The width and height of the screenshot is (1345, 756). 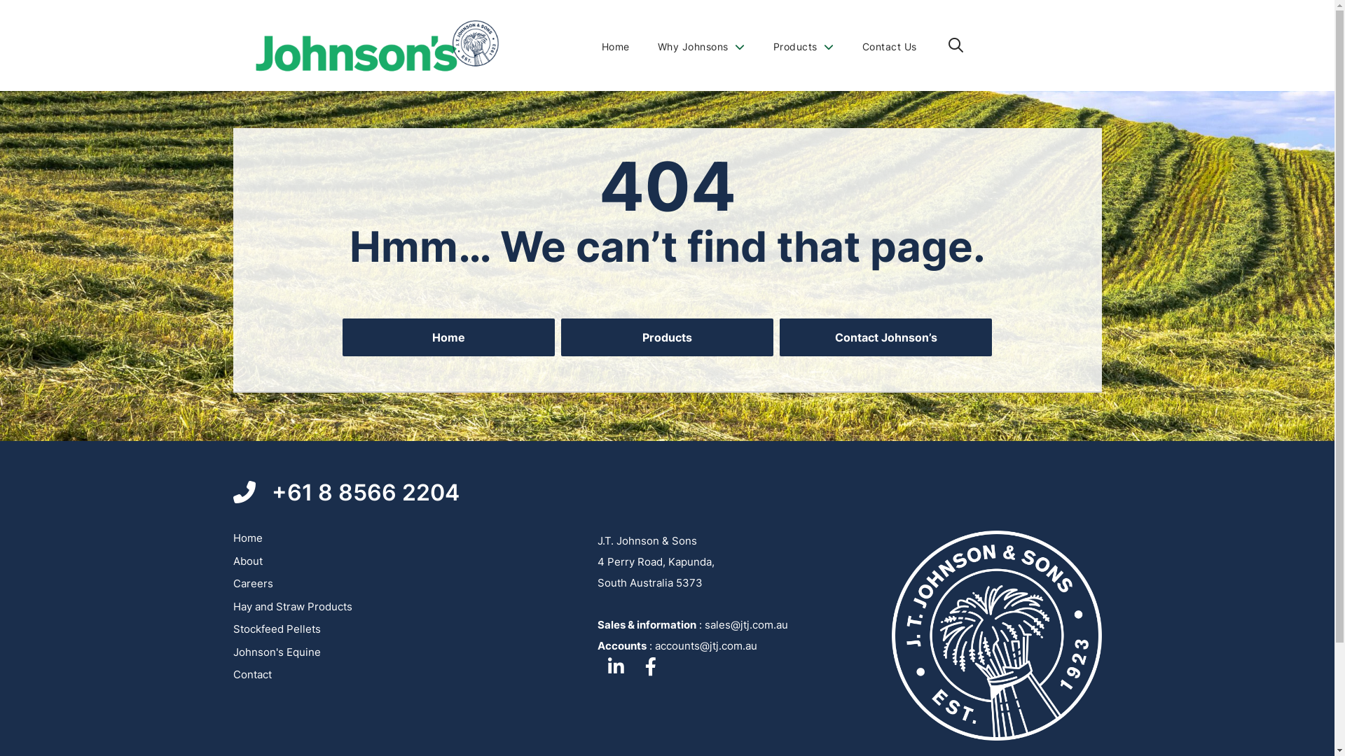 I want to click on 'Careers', so click(x=252, y=583).